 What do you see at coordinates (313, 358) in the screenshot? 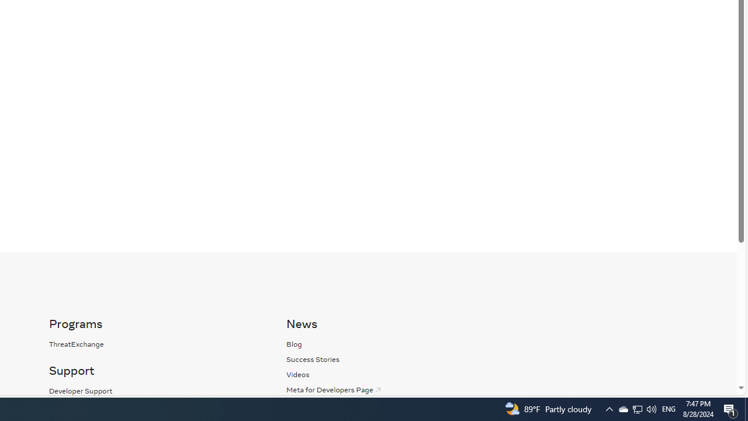
I see `'Success Stories'` at bounding box center [313, 358].